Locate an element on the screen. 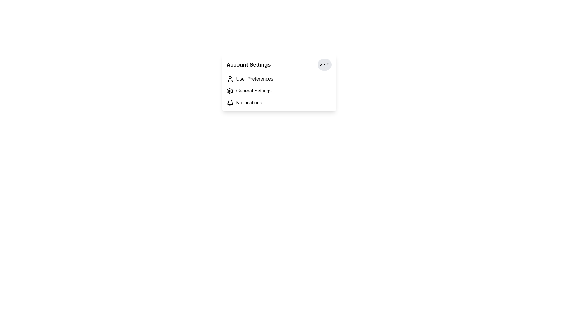 This screenshot has height=321, width=572. the upward-pointing arrow button ('▲') with a light gray background, located next to 'Account Settings' is located at coordinates (324, 65).